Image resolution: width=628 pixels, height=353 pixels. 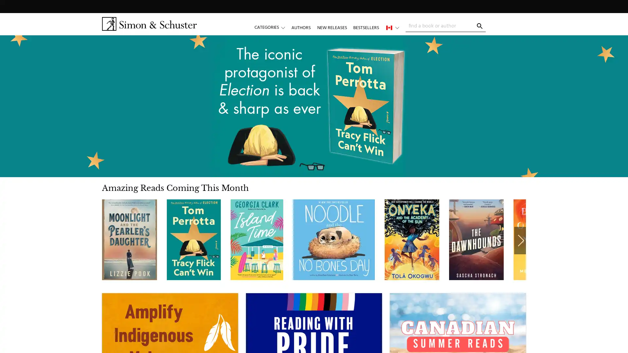 I want to click on BESTSELLERS, so click(x=365, y=27).